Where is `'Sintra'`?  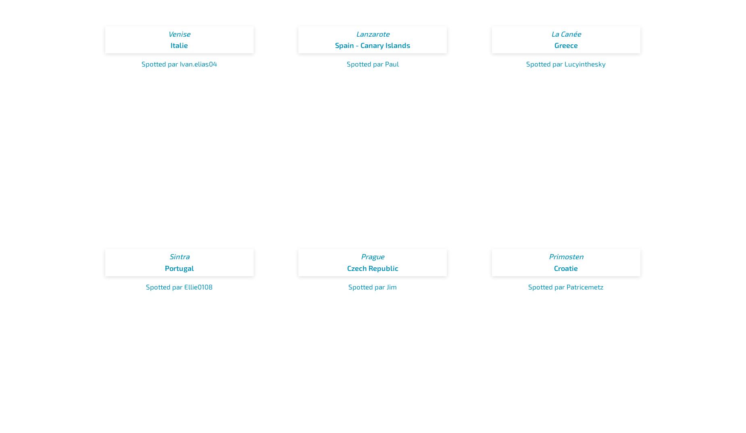 'Sintra' is located at coordinates (179, 256).